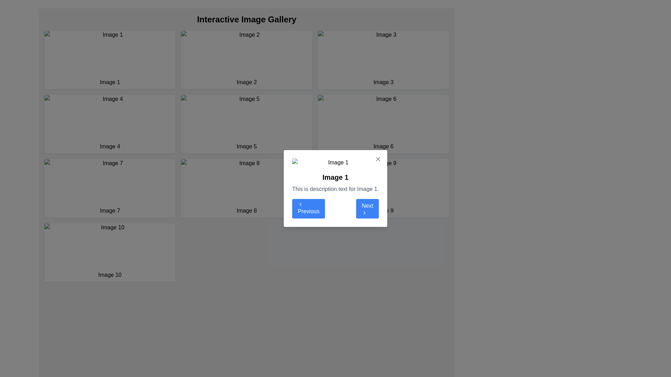 This screenshot has height=377, width=671. I want to click on the eighth clickable card in the grid layout for accessibility by moving the cursor to its center, so click(246, 188).